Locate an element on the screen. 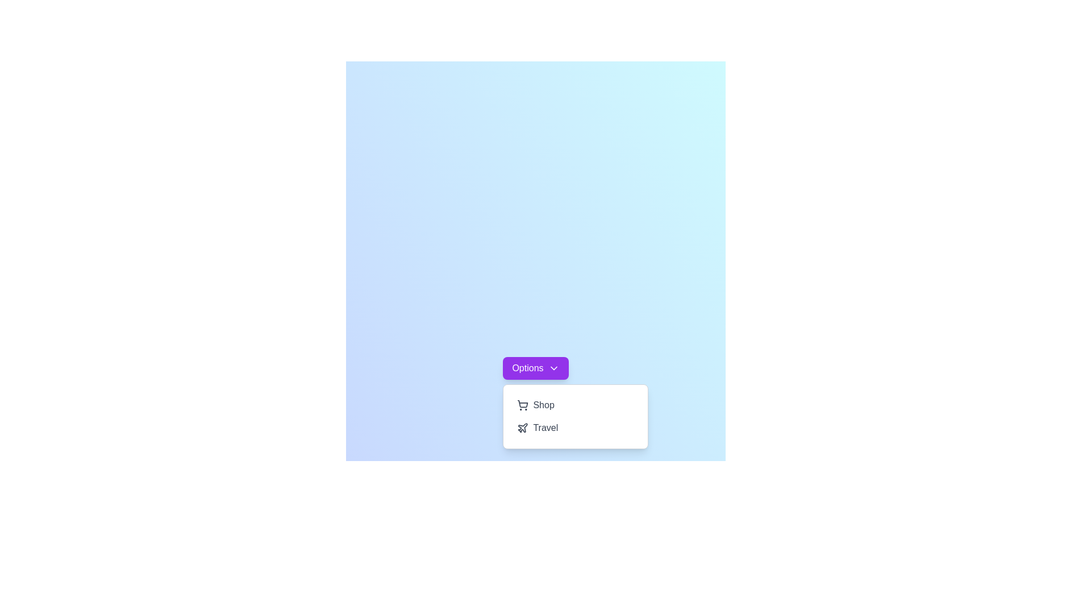  the Dropdown indicator icon (SVG) located at the right end of the 'Options' button is located at coordinates (553, 368).